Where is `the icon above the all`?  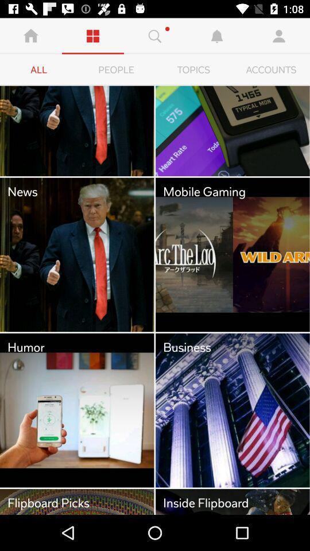 the icon above the all is located at coordinates (92, 36).